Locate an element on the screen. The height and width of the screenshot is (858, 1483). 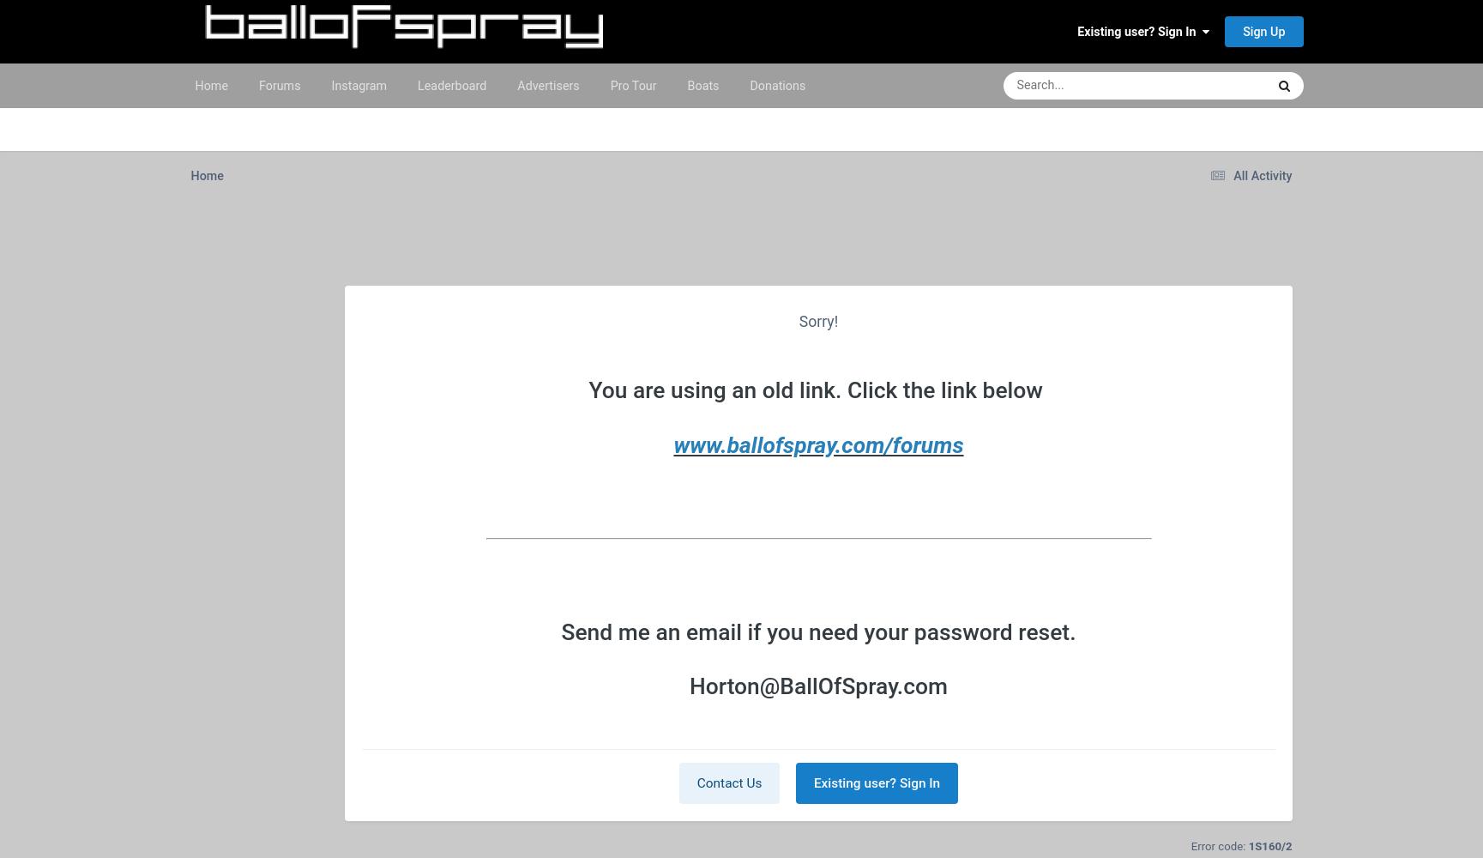
'All Activity' is located at coordinates (1233, 174).